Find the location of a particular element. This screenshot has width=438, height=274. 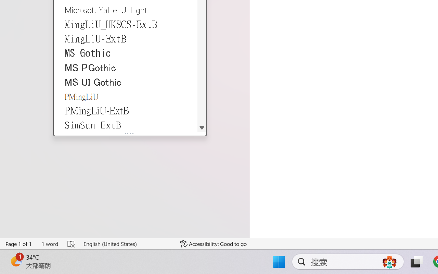

'Spelling and Grammar Check Errors' is located at coordinates (72, 244).